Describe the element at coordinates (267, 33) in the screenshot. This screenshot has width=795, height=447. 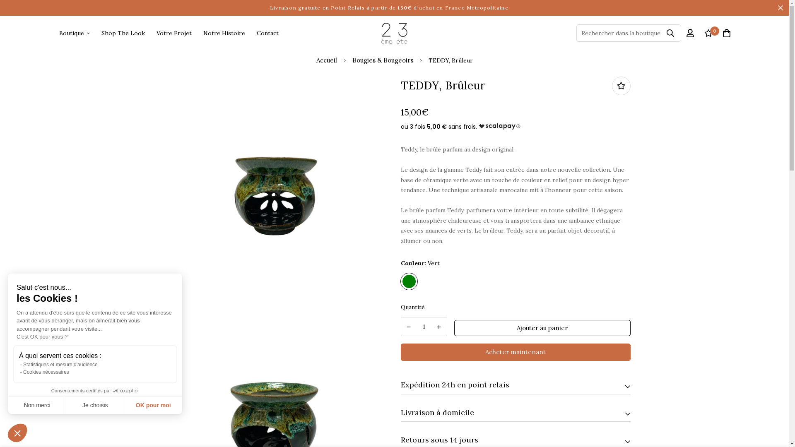
I see `'Contact'` at that location.